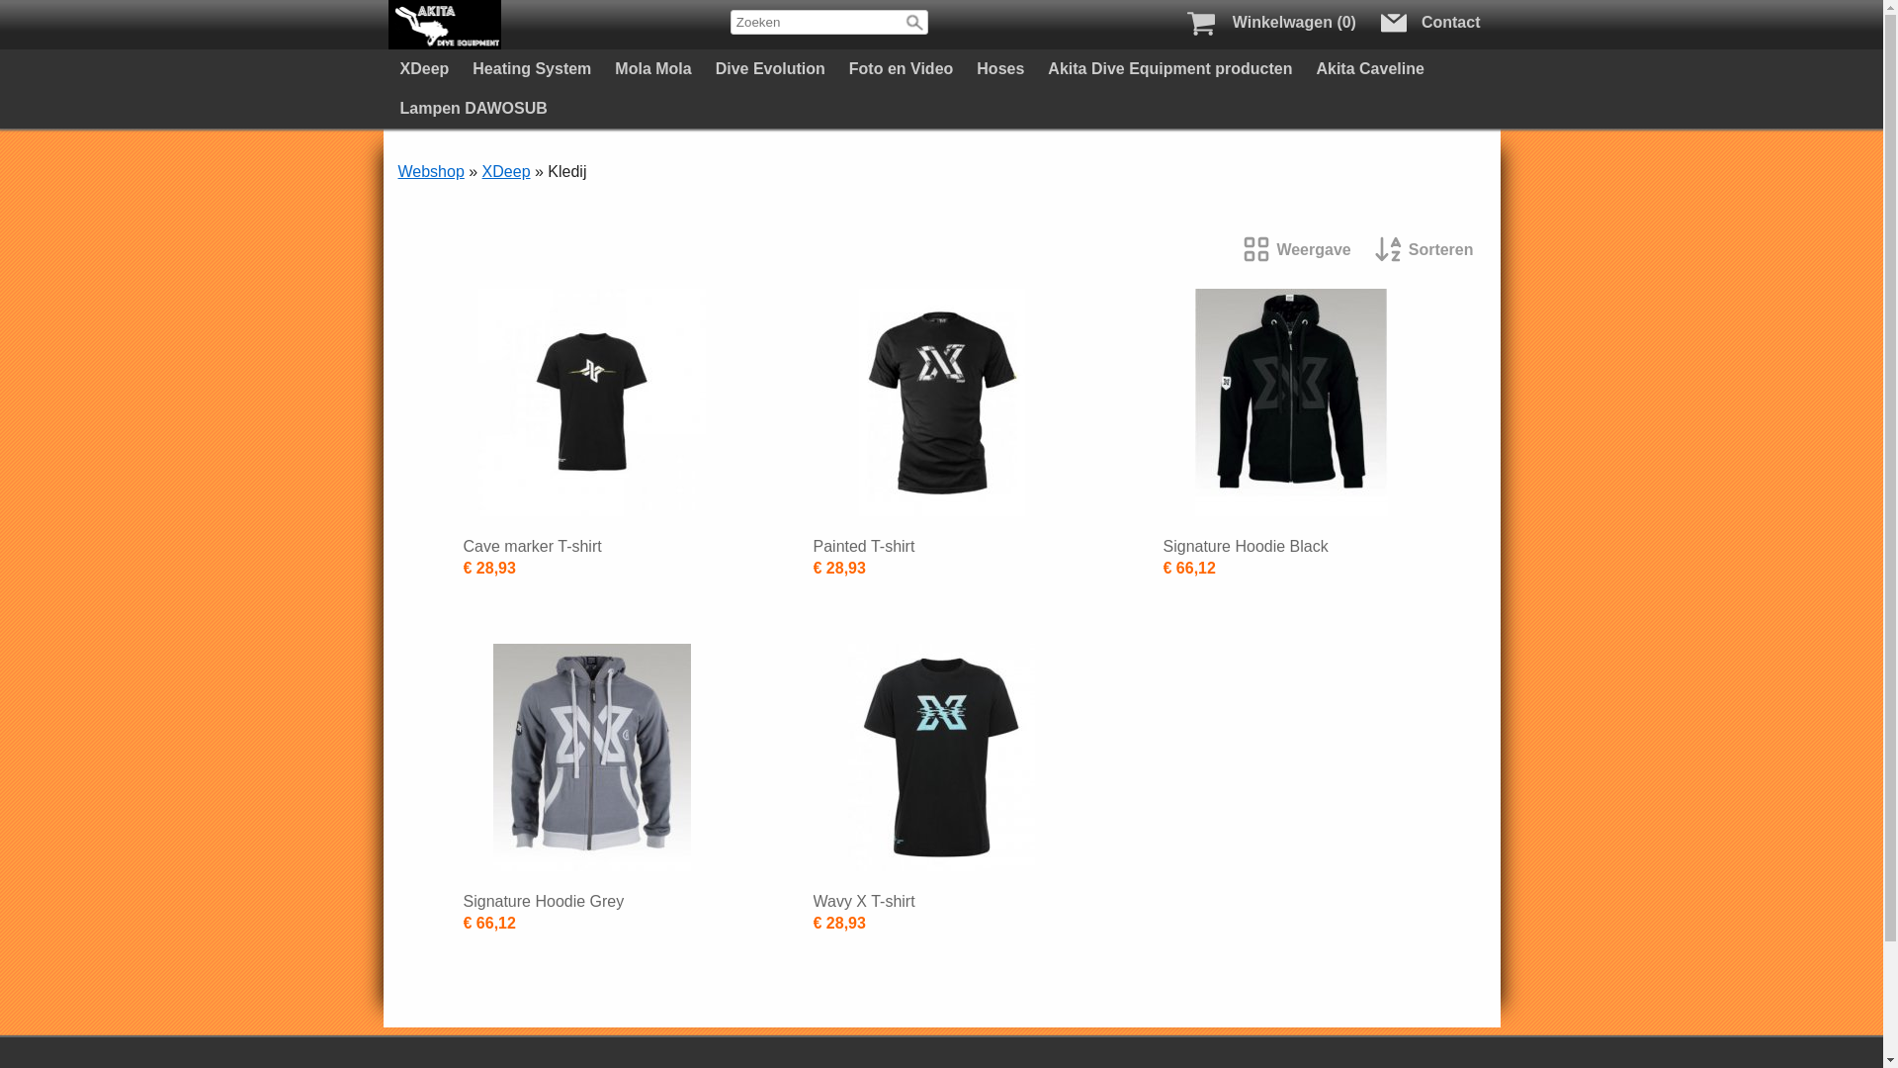  What do you see at coordinates (1368, 67) in the screenshot?
I see `'Akita Caveline'` at bounding box center [1368, 67].